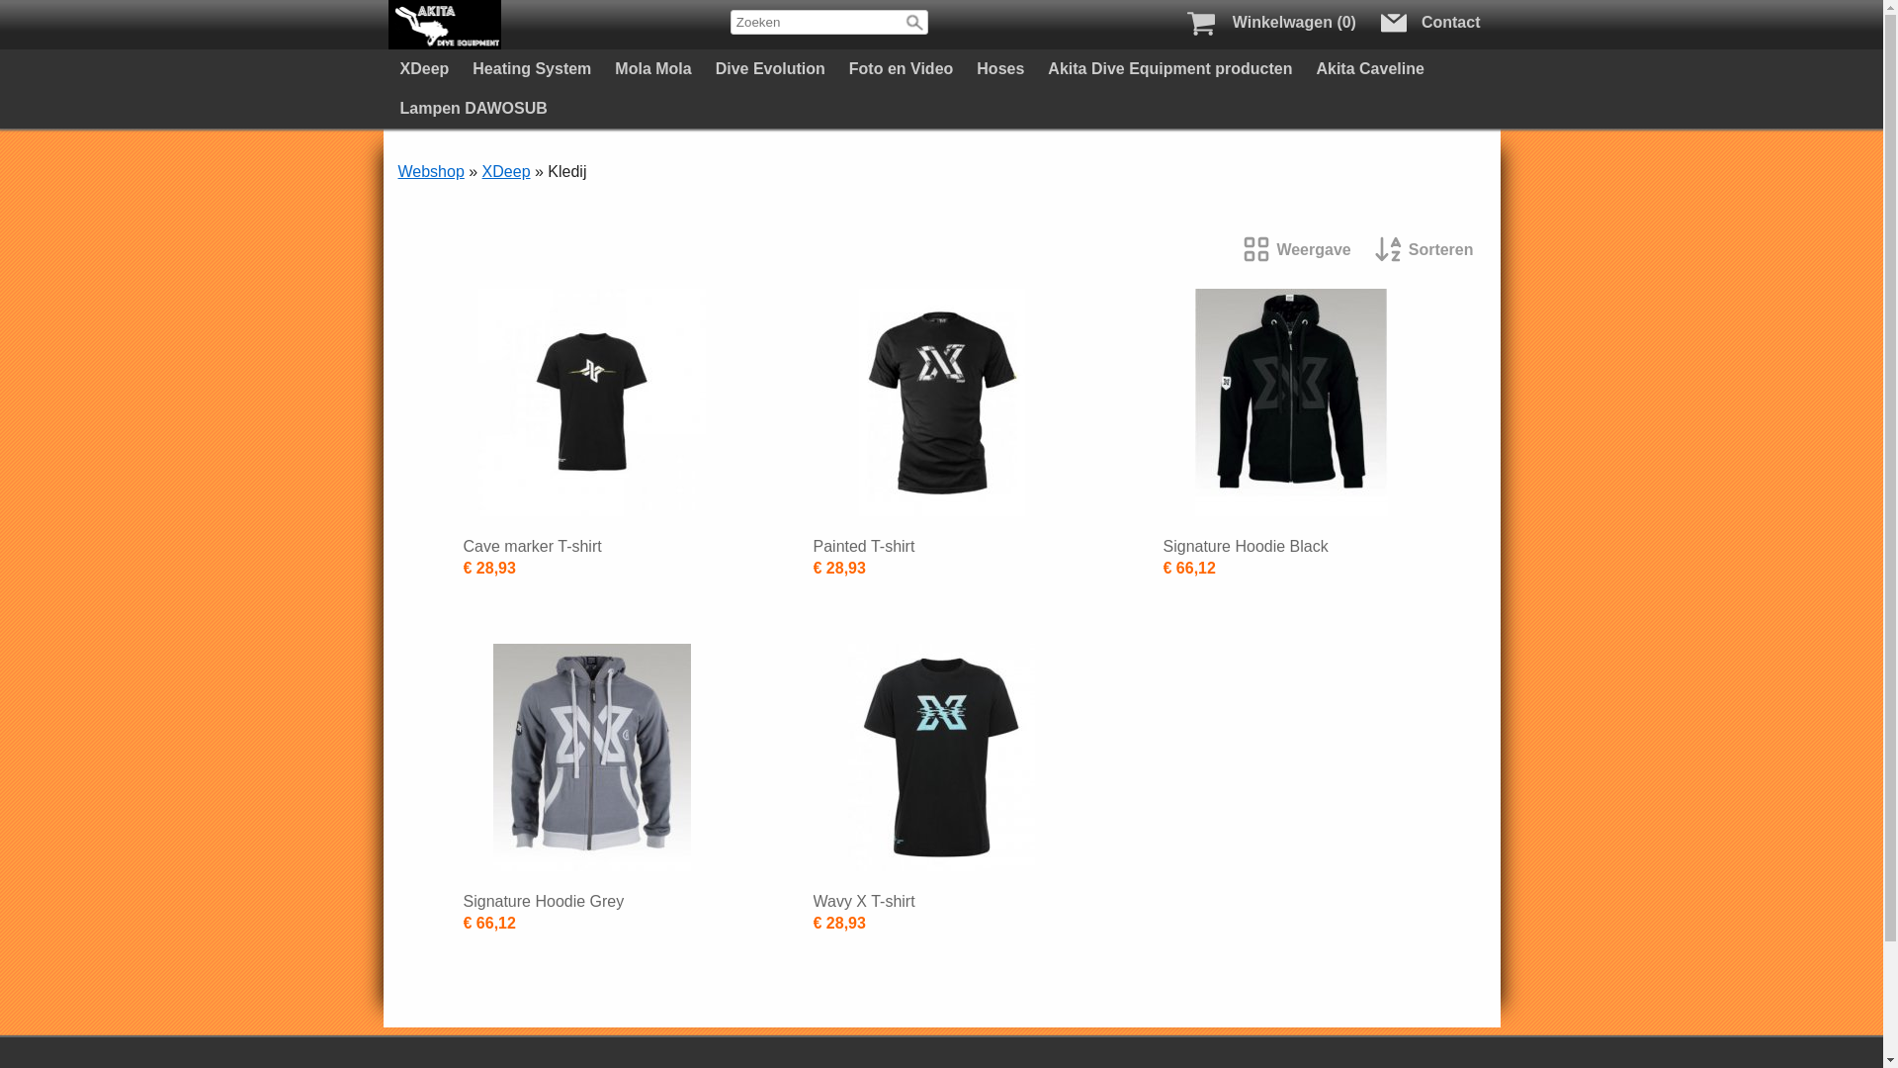  What do you see at coordinates (1368, 67) in the screenshot?
I see `'Akita Caveline'` at bounding box center [1368, 67].